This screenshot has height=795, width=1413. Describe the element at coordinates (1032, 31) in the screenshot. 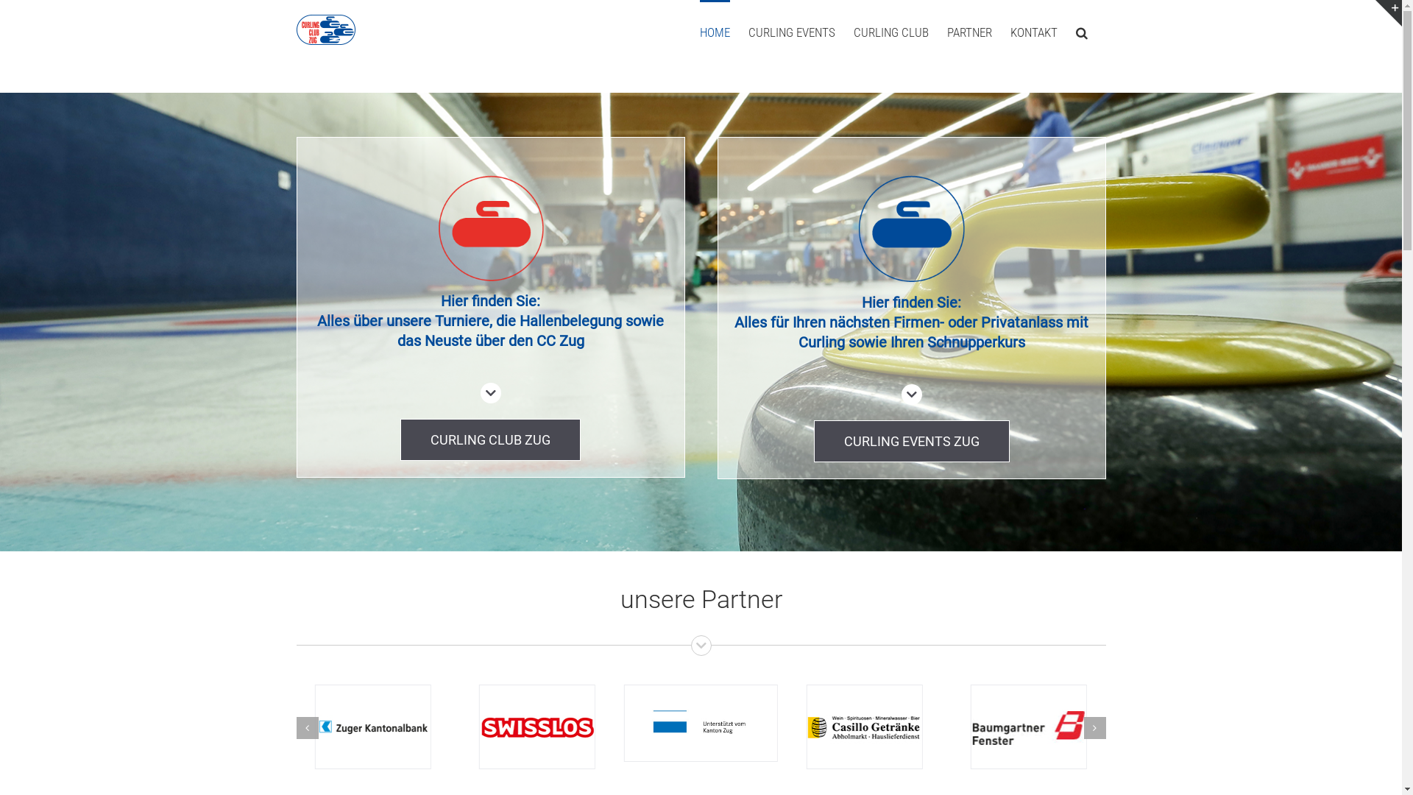

I see `'KONTAKT'` at that location.